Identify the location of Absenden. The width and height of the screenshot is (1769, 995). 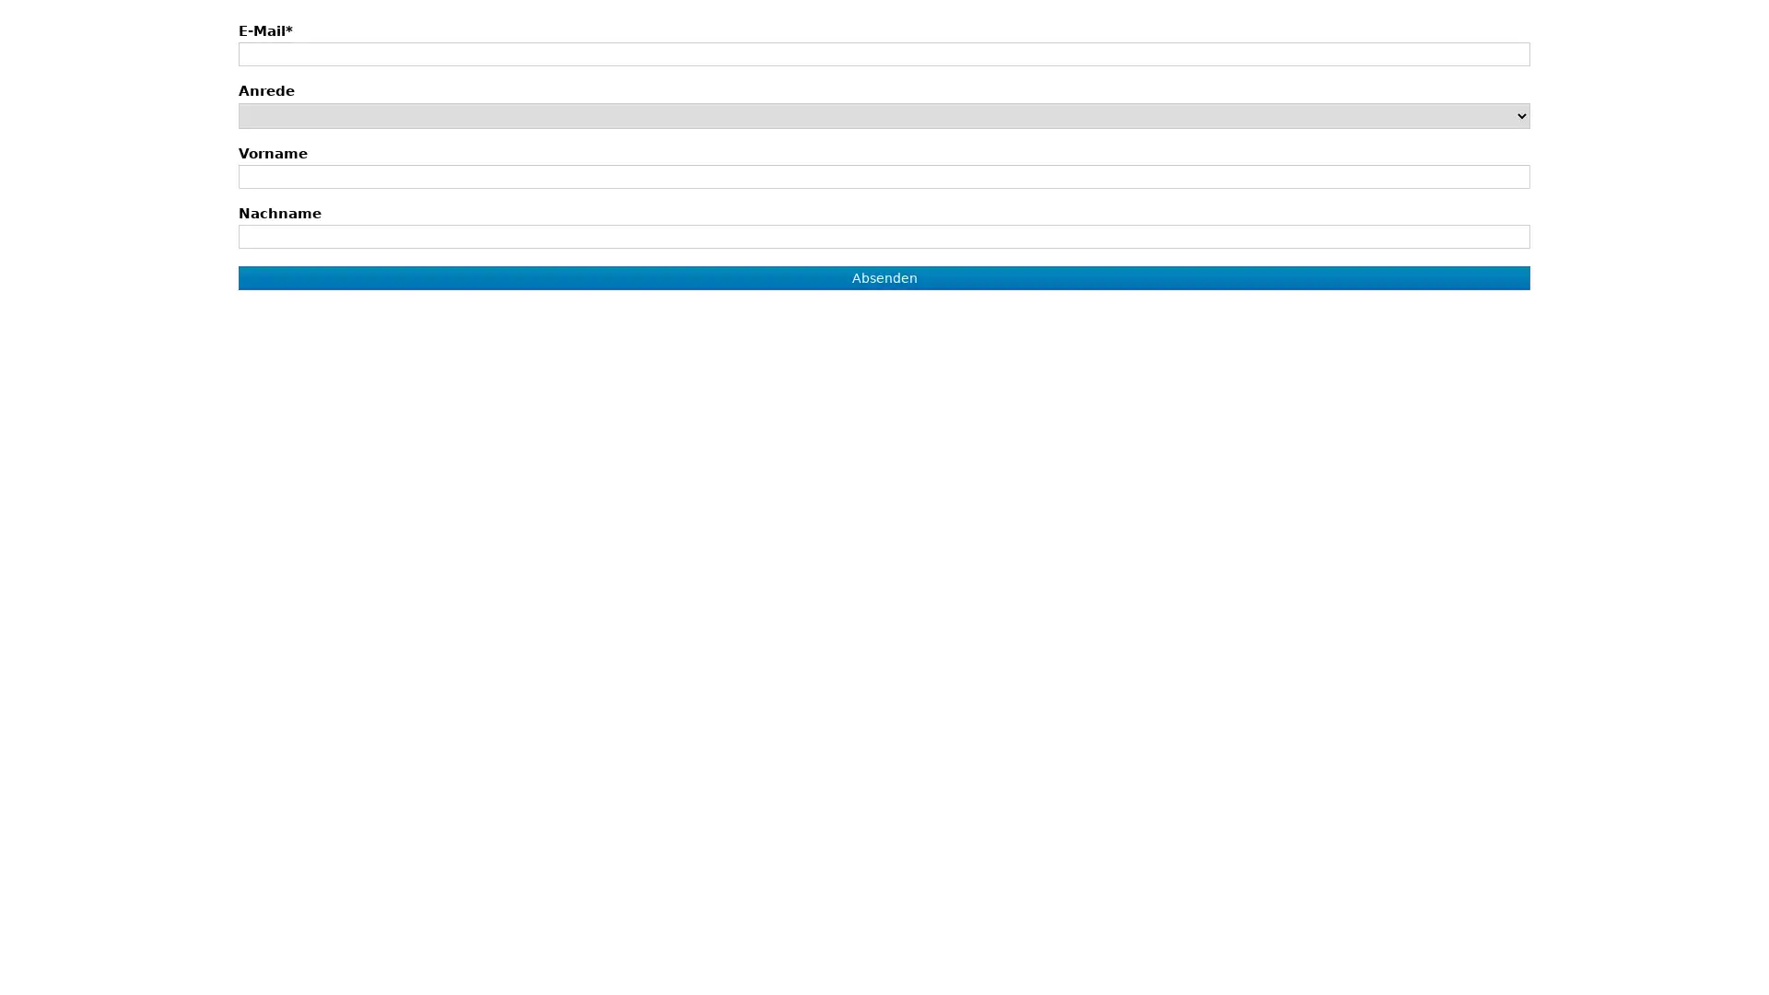
(883, 277).